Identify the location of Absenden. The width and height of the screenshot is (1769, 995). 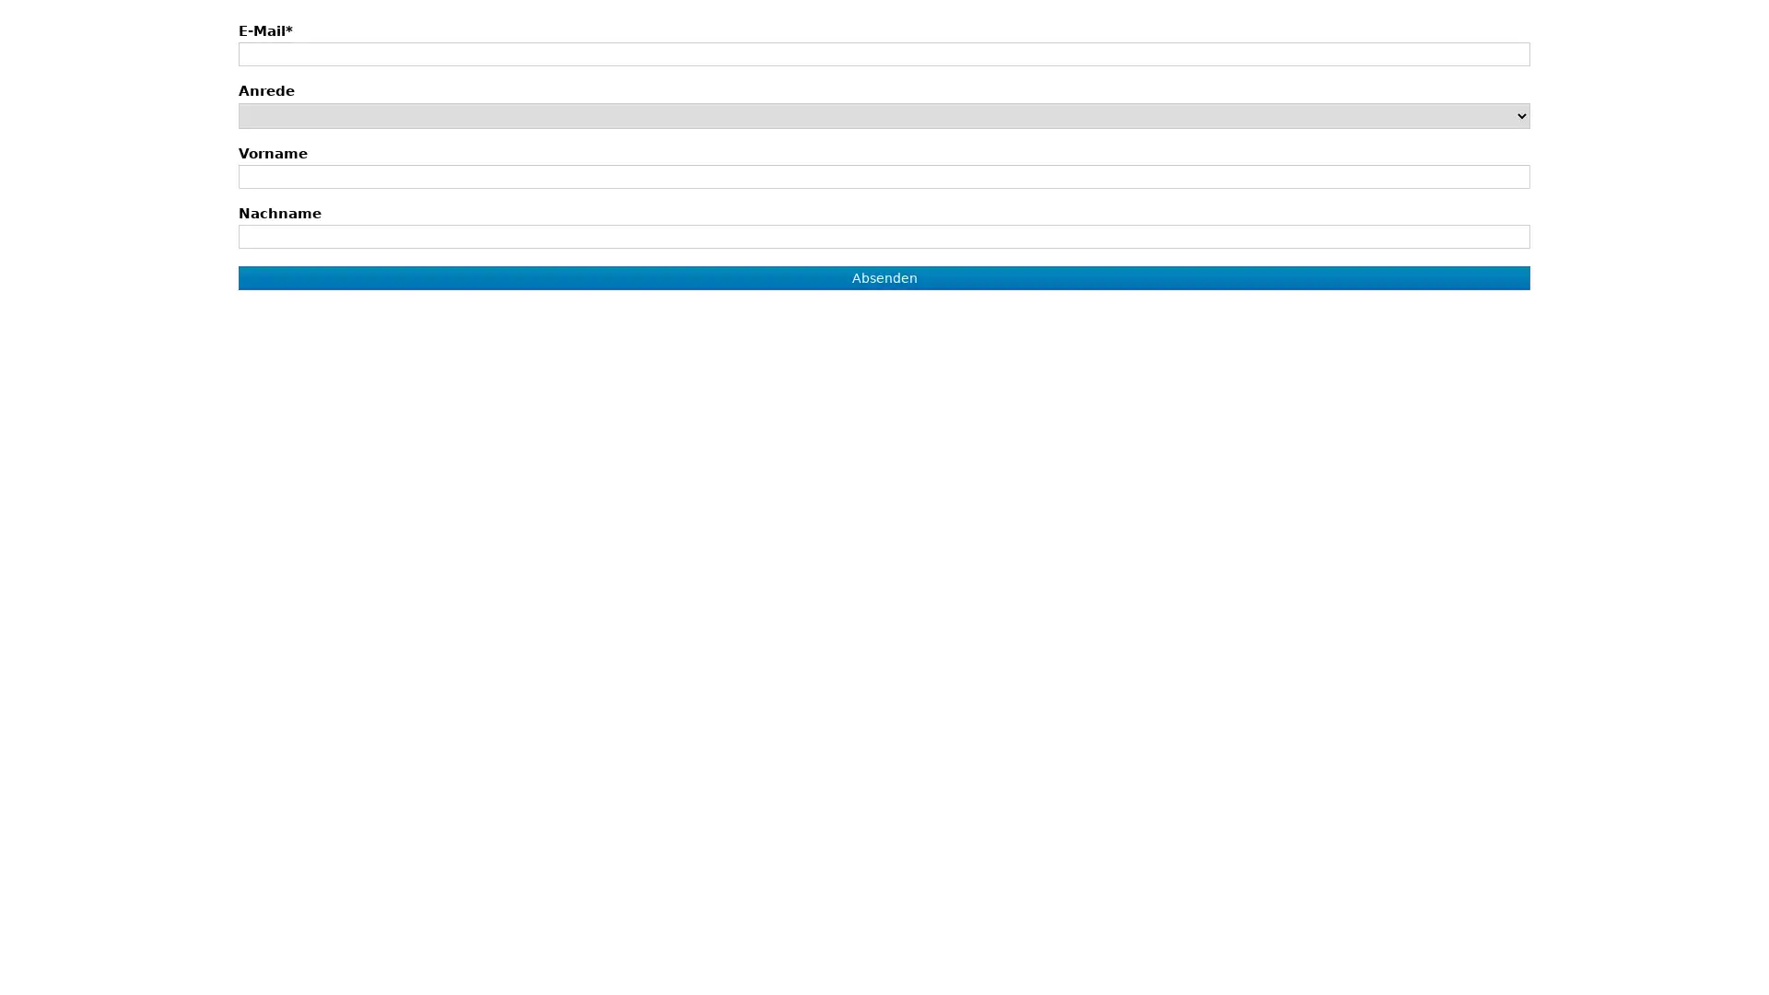
(883, 277).